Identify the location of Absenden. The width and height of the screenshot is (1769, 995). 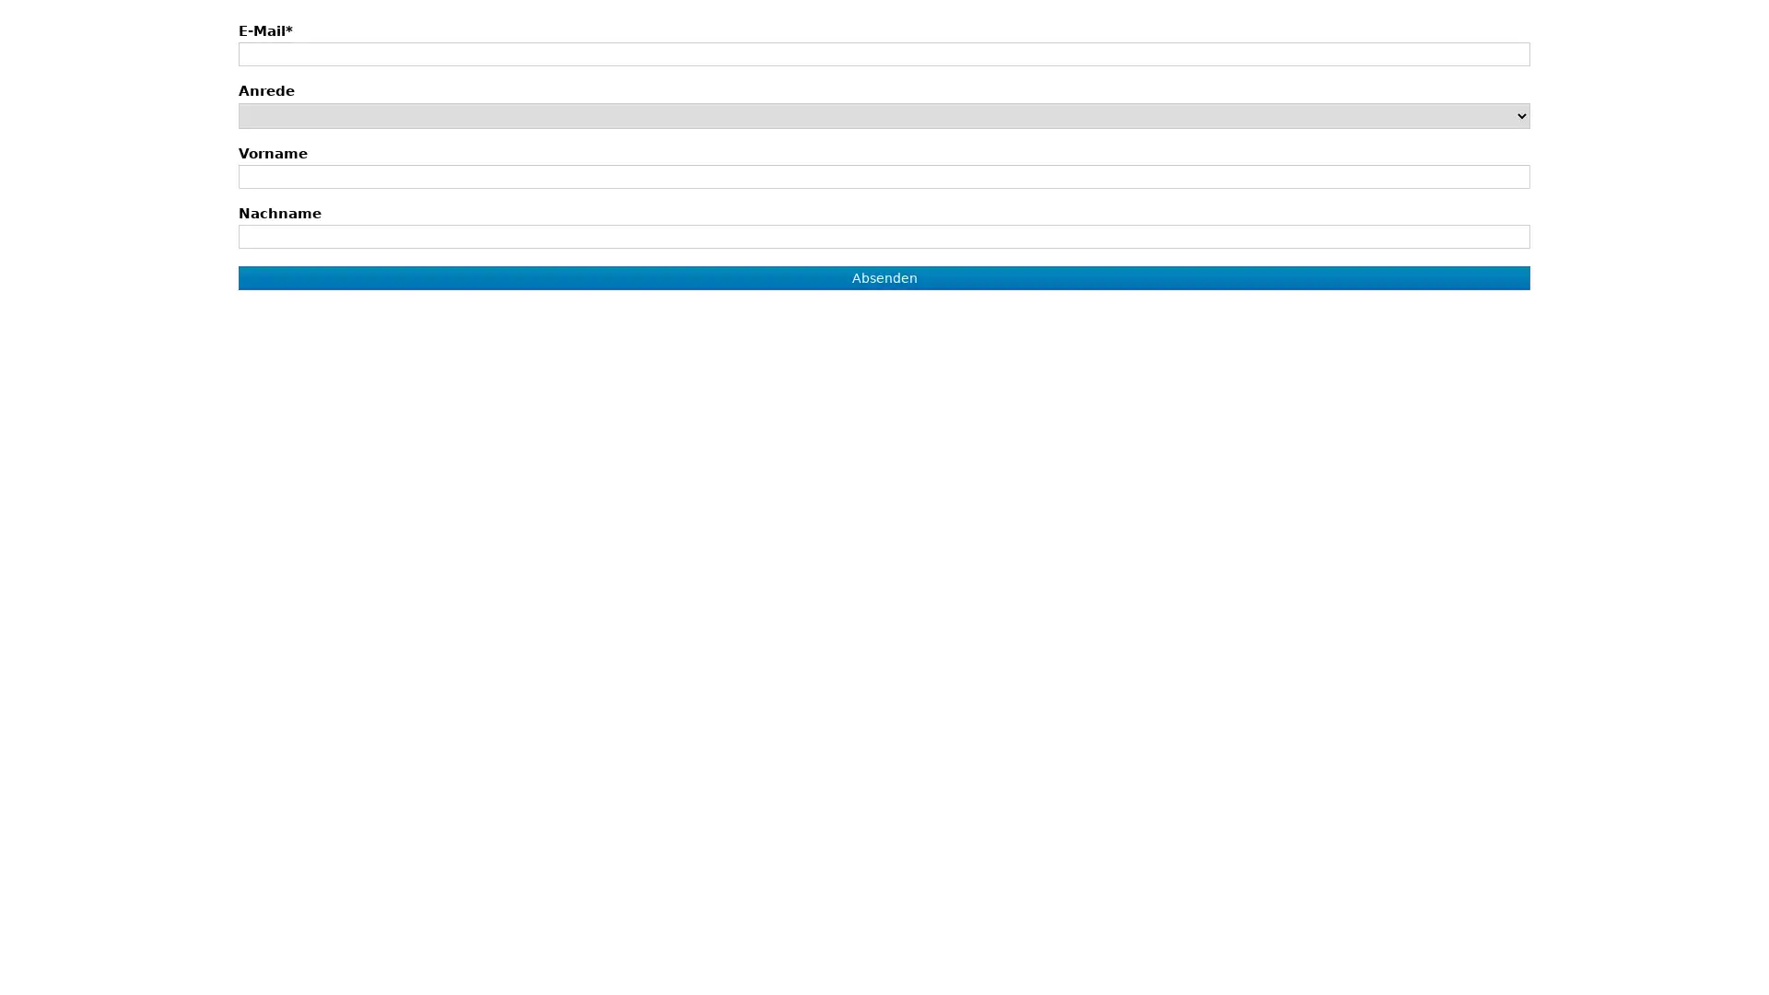
(883, 277).